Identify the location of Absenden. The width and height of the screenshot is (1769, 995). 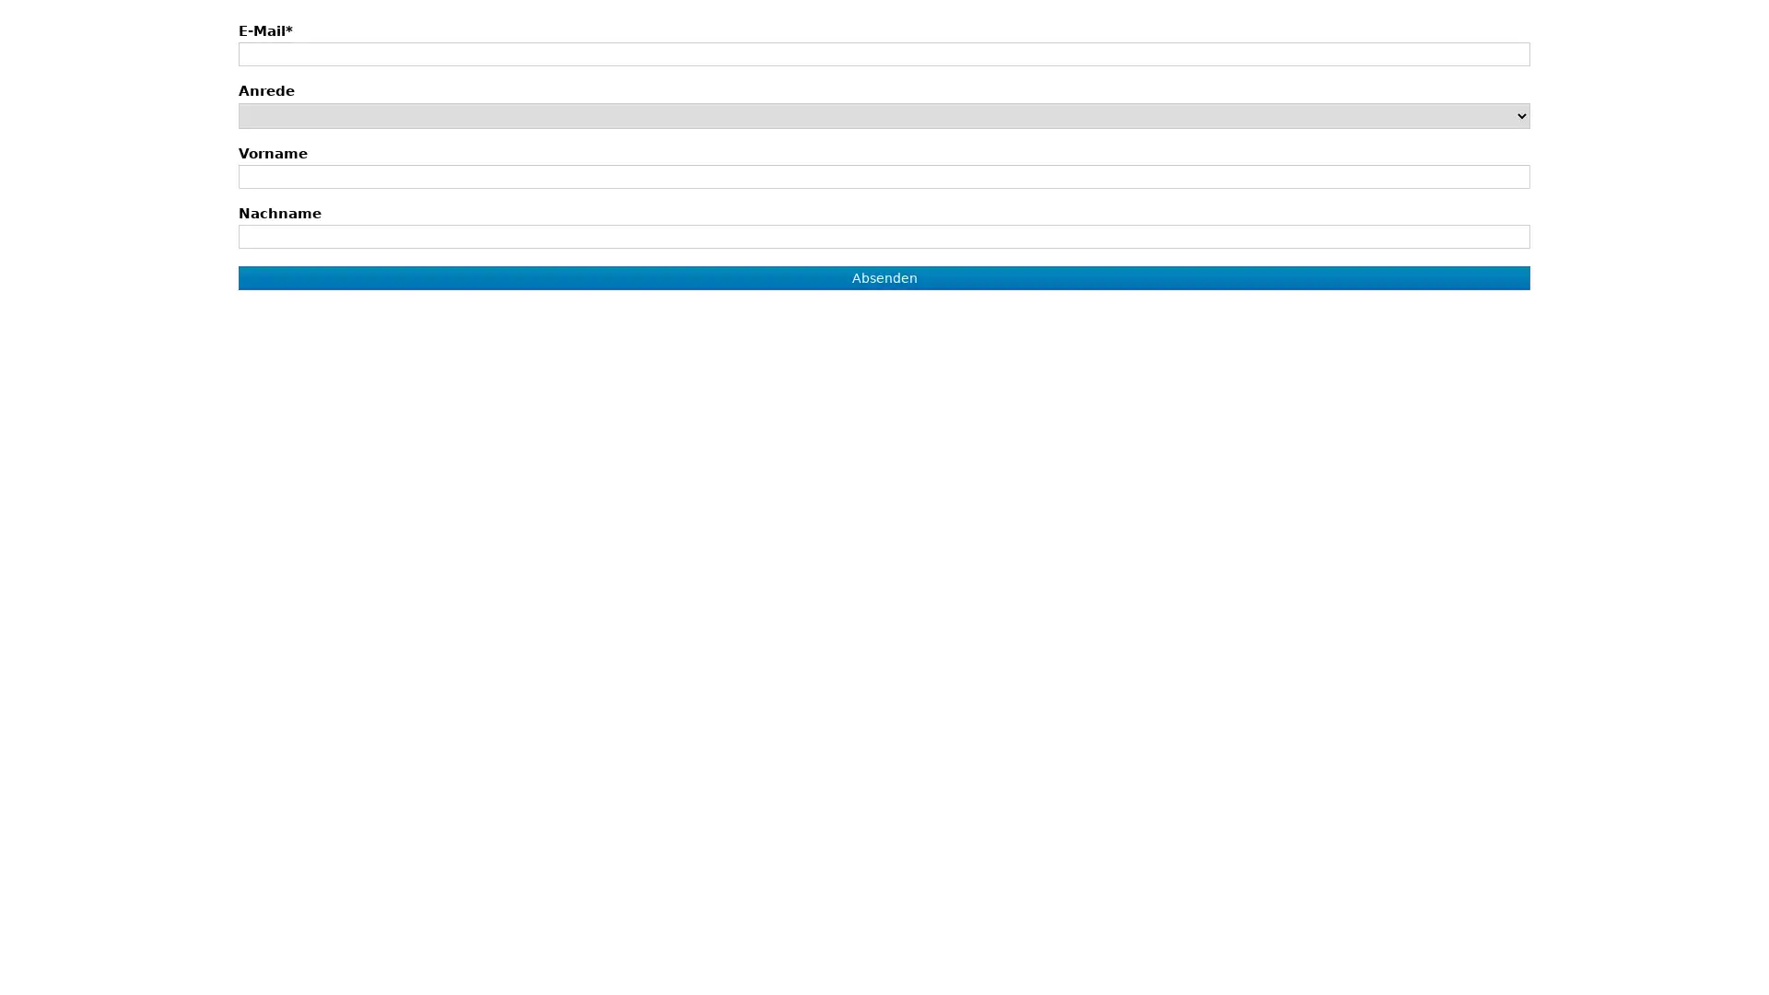
(883, 277).